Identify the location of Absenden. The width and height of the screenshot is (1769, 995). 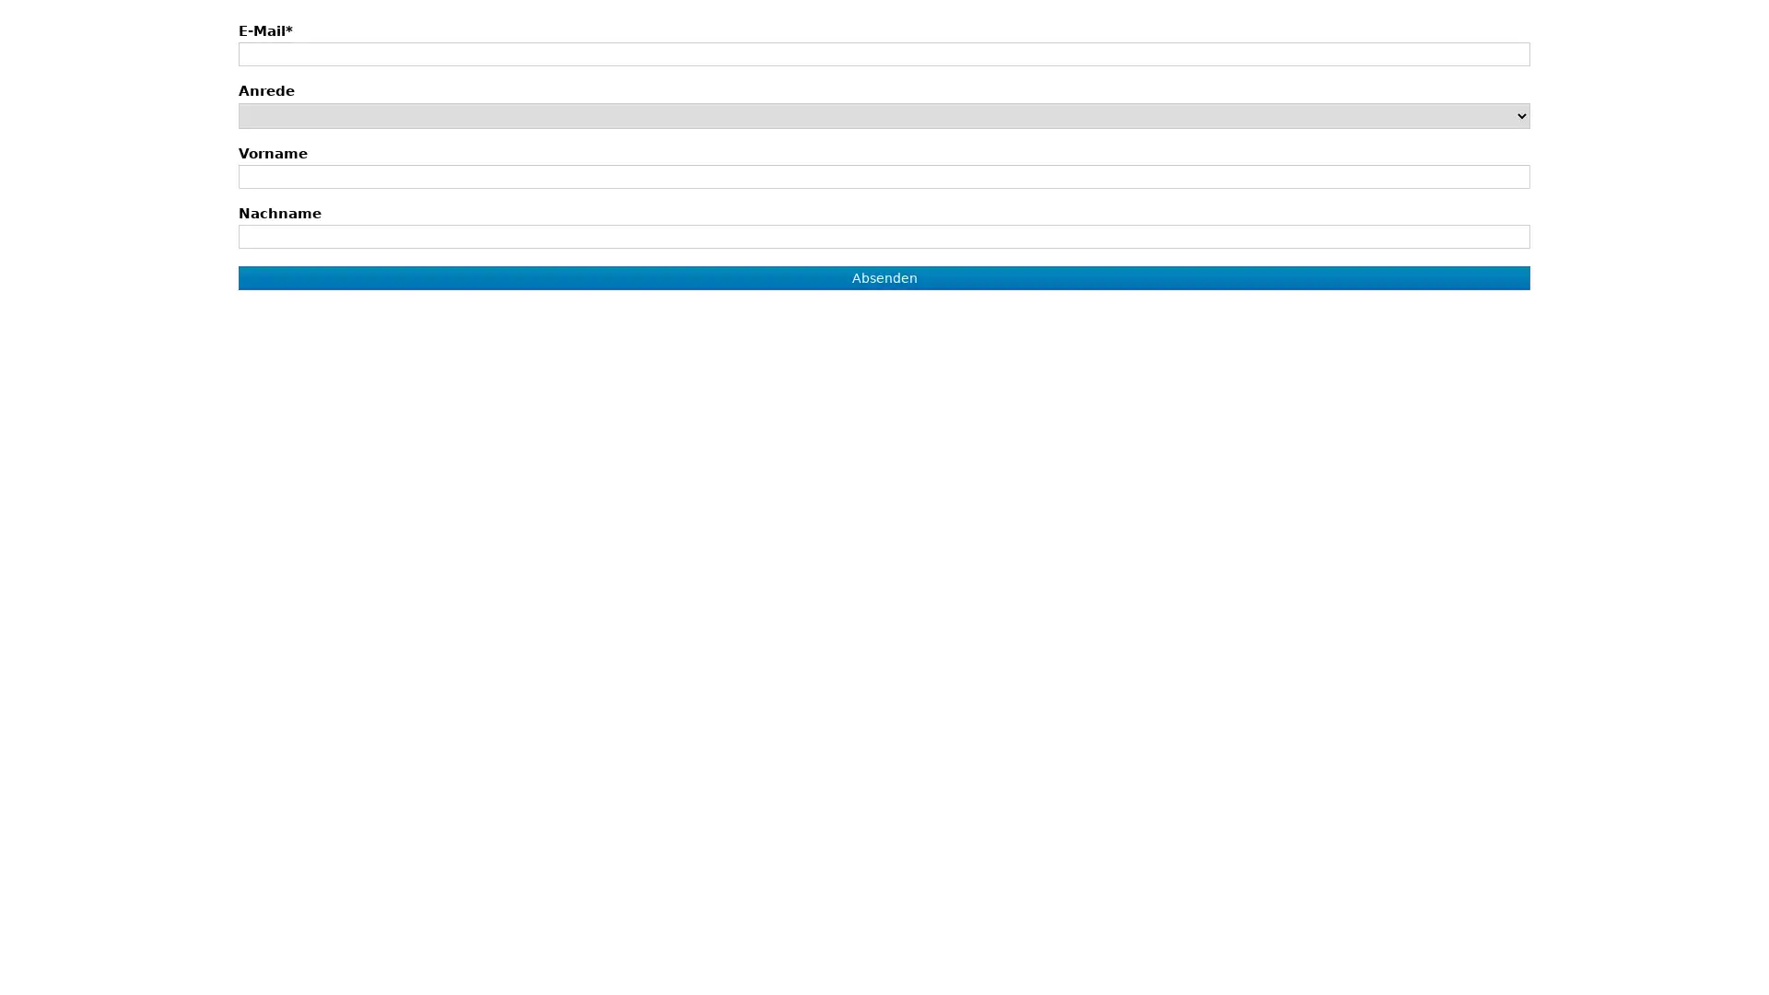
(883, 277).